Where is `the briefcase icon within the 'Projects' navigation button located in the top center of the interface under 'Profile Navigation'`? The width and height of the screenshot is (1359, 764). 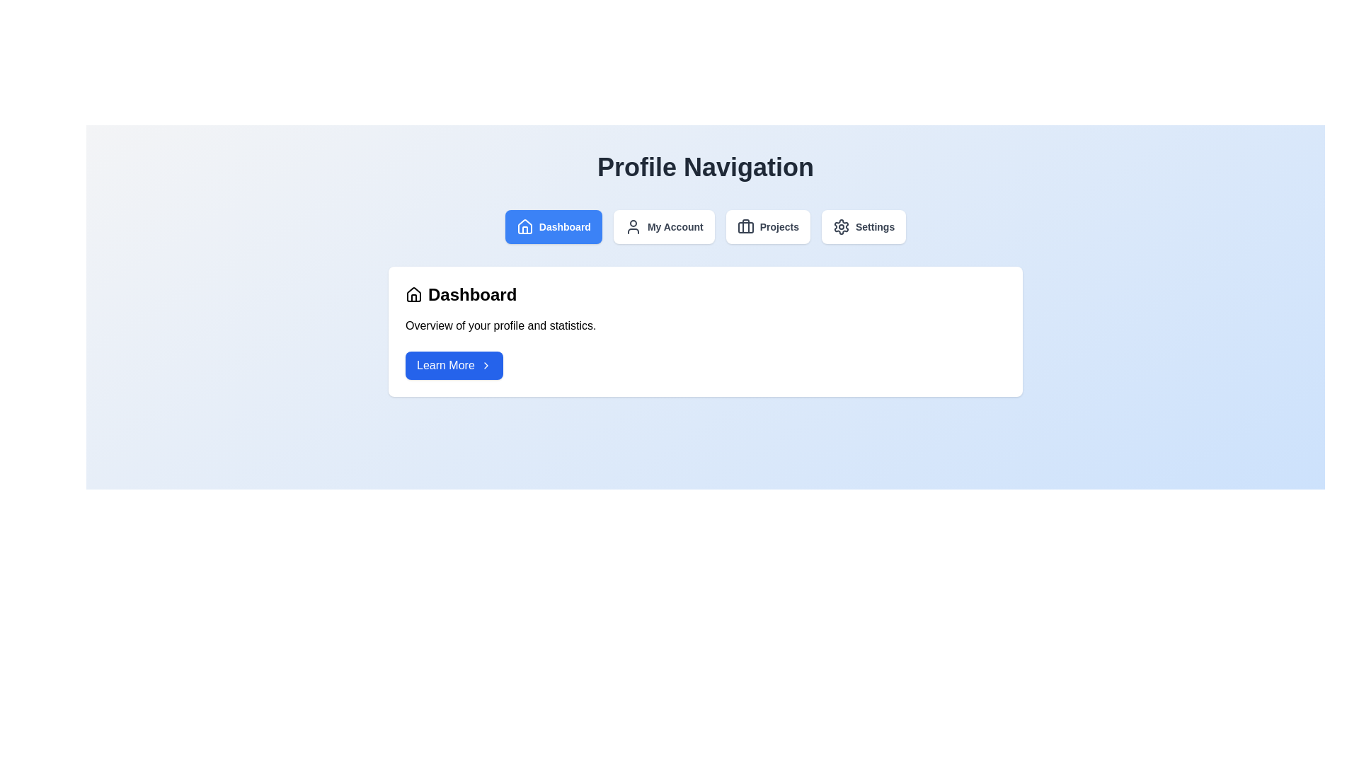
the briefcase icon within the 'Projects' navigation button located in the top center of the interface under 'Profile Navigation' is located at coordinates (745, 226).